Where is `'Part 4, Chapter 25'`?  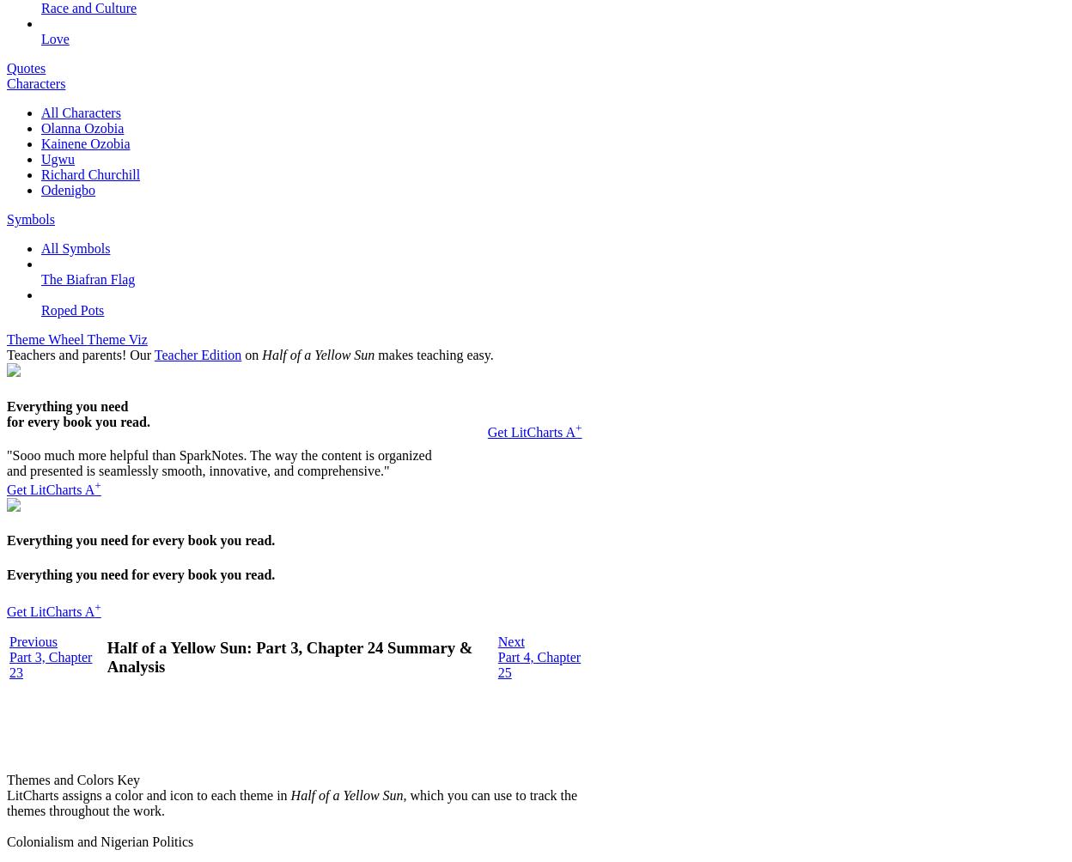
'Part 4, Chapter 25' is located at coordinates (496, 664).